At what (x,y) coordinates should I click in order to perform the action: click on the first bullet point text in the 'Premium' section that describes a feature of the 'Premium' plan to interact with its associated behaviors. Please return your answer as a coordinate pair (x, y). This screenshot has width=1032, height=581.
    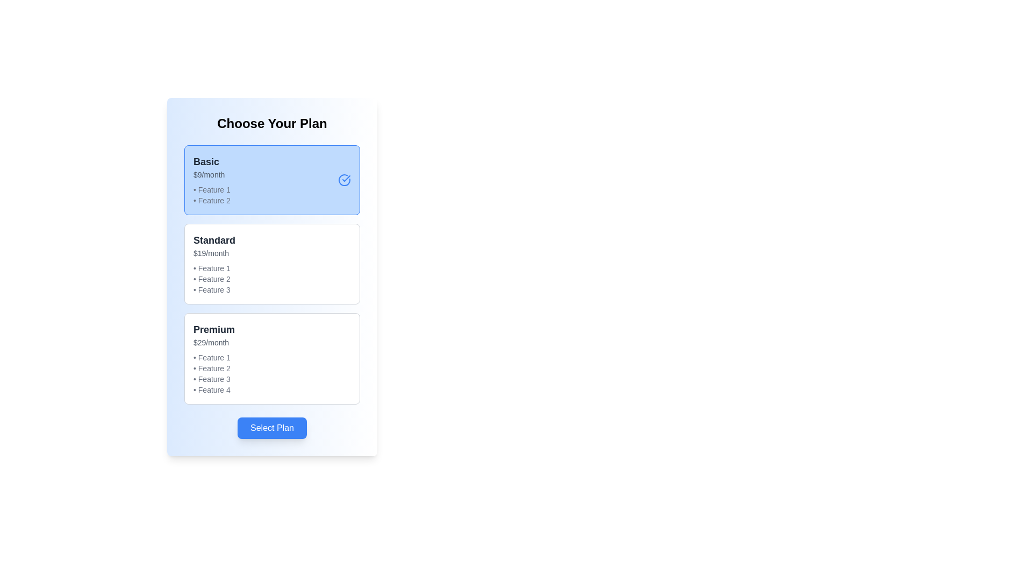
    Looking at the image, I should click on (214, 357).